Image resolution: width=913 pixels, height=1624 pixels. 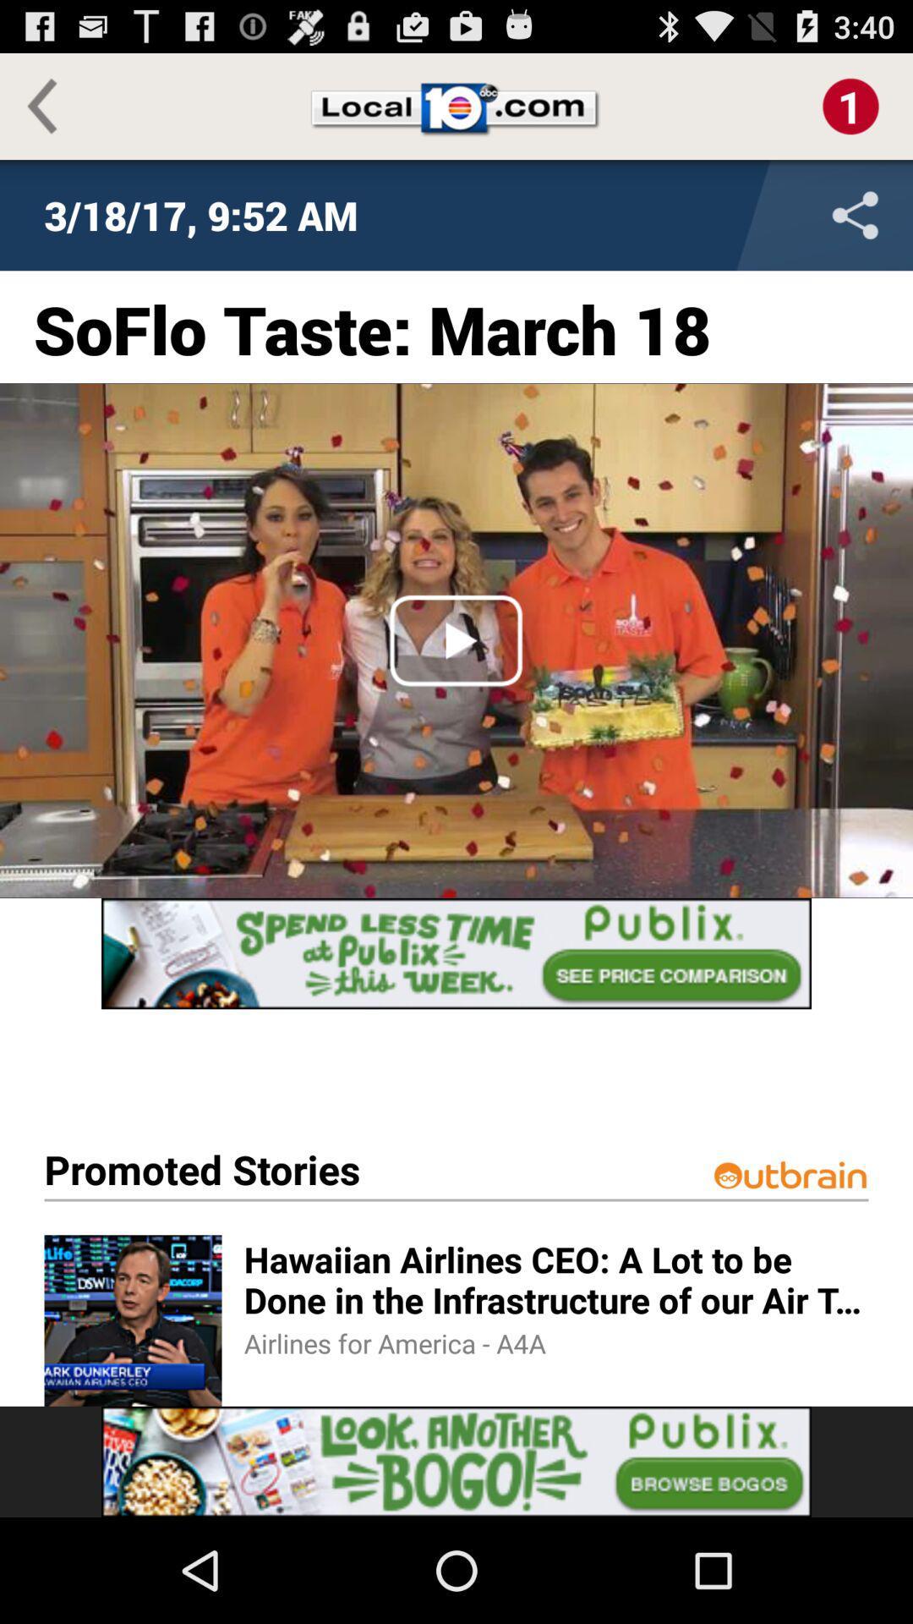 What do you see at coordinates (456, 639) in the screenshot?
I see `video` at bounding box center [456, 639].